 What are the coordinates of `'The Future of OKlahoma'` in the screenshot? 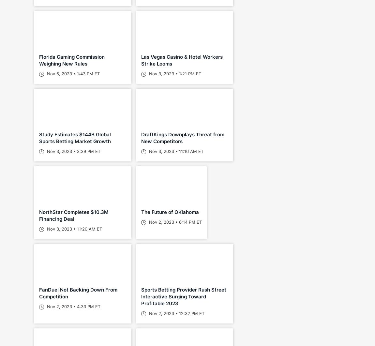 It's located at (170, 212).